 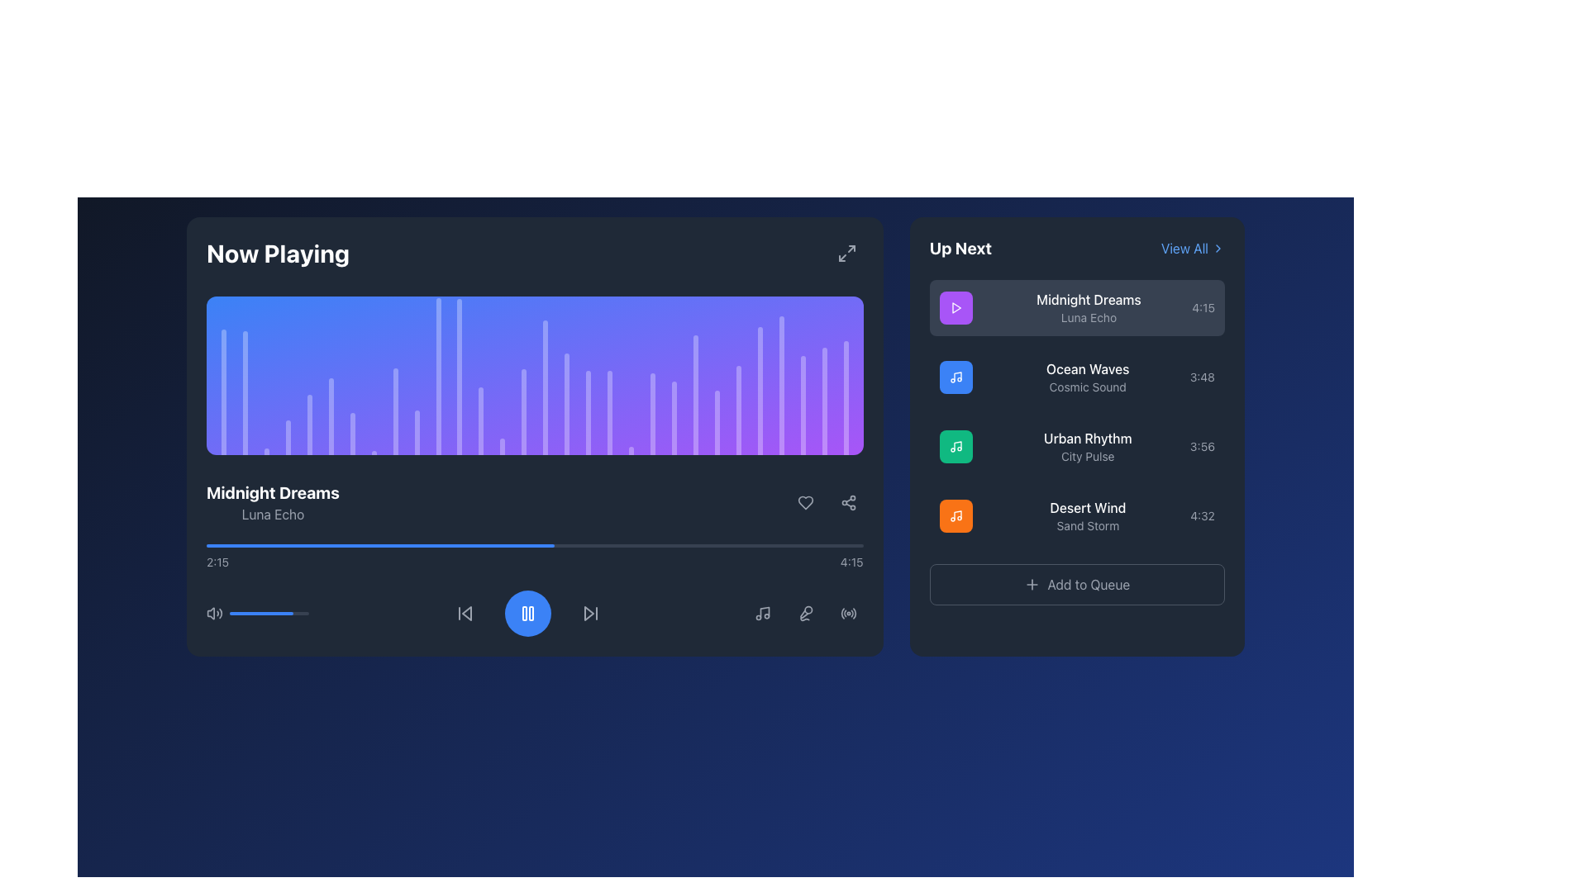 I want to click on the 18th vertical bar with a rounded top in the graph visualization, which has a light-colored translucent styling and is positioned near the middle of the sequence, so click(x=567, y=404).